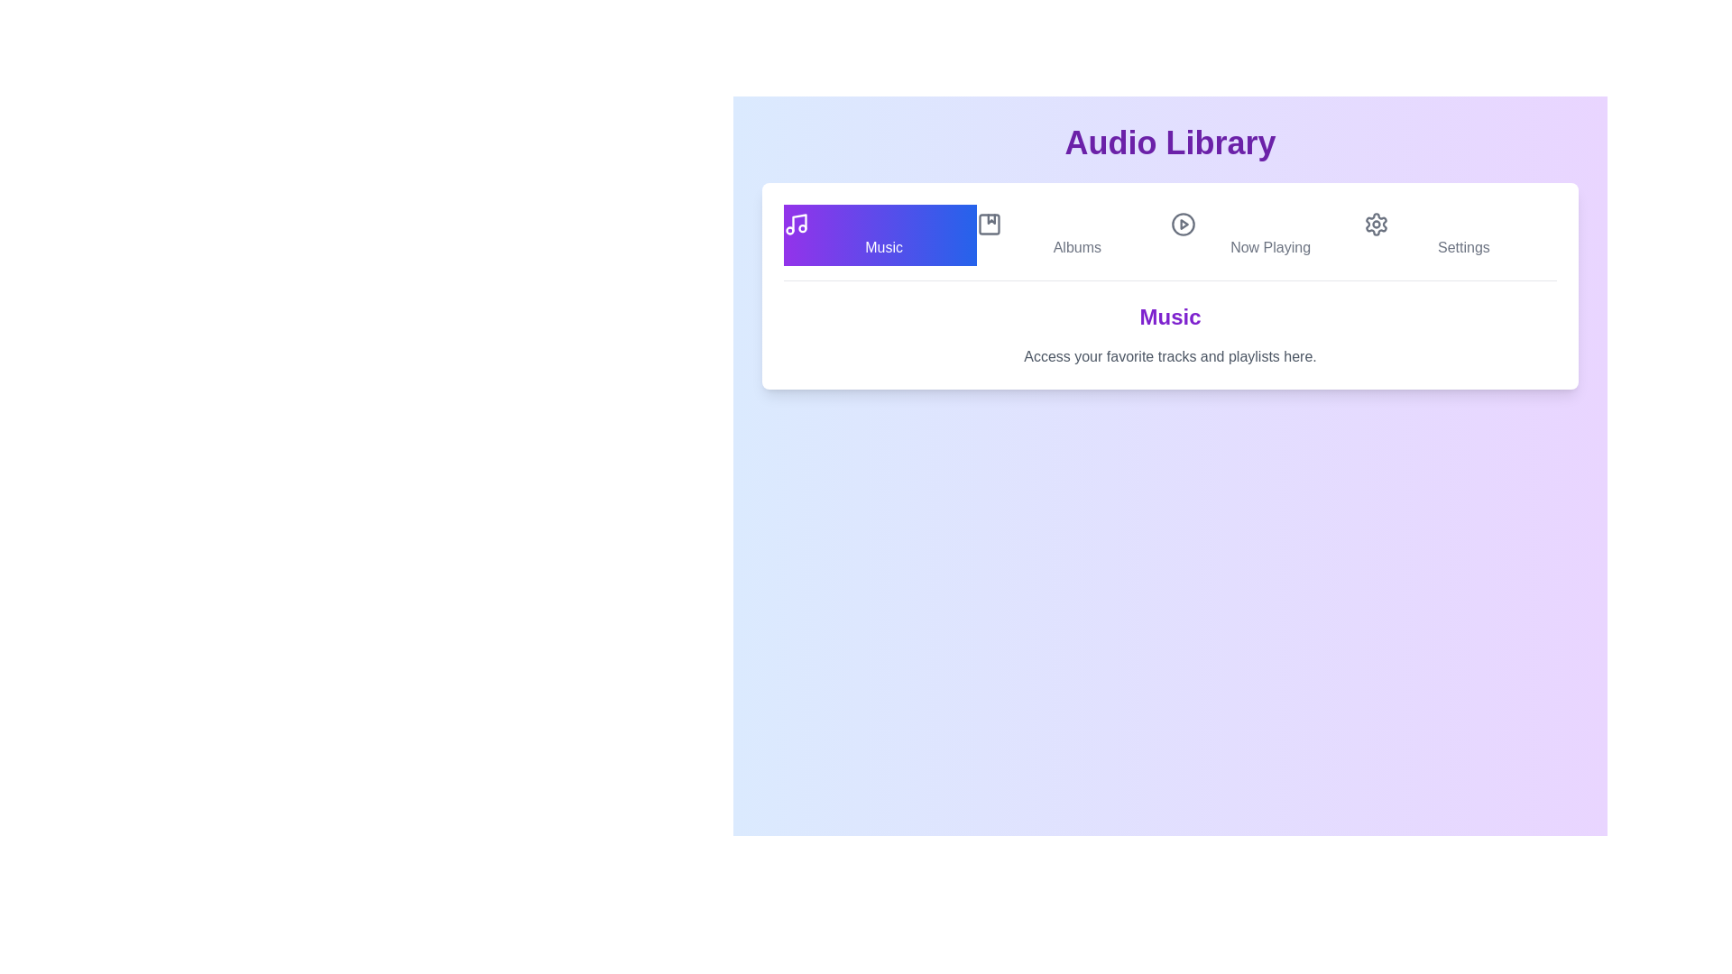 This screenshot has width=1732, height=974. I want to click on the triangular 'play' icon within the circular 'Now Playing' button located near the top center of the navigation menu, so click(1183, 224).